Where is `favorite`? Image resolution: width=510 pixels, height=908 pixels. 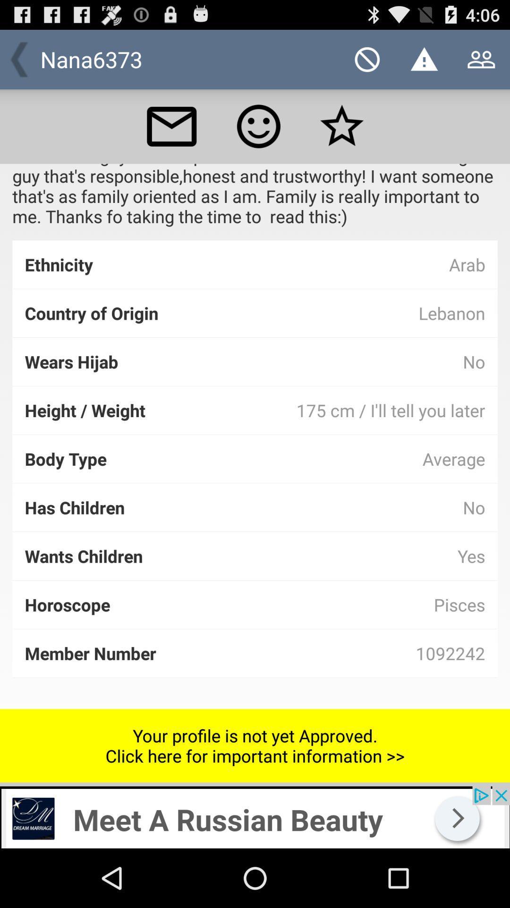 favorite is located at coordinates (342, 126).